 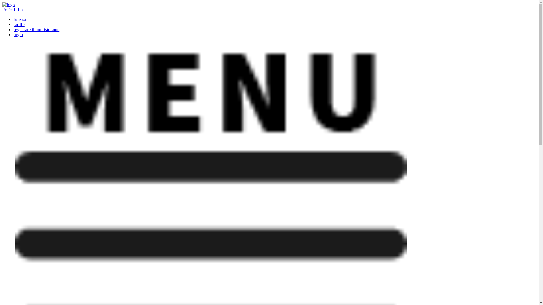 What do you see at coordinates (5, 10) in the screenshot?
I see `'Fr'` at bounding box center [5, 10].